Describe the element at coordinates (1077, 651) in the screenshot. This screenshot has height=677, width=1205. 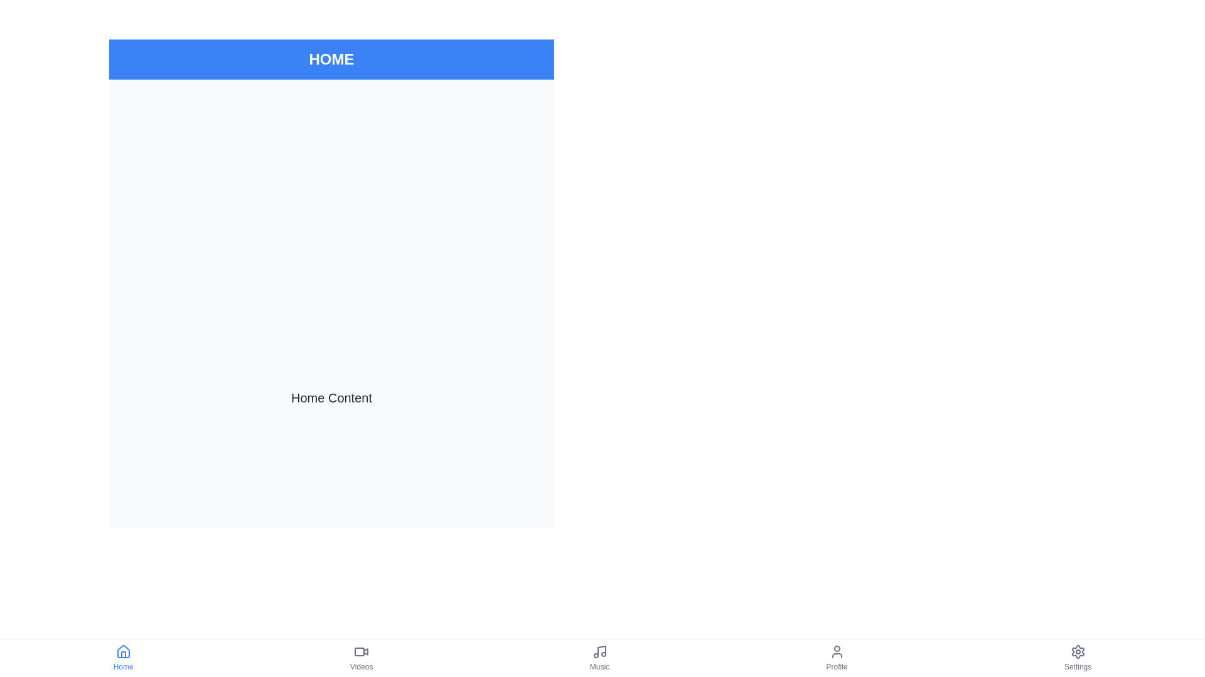
I see `the settings gear icon located in the bottom navigation bar` at that location.